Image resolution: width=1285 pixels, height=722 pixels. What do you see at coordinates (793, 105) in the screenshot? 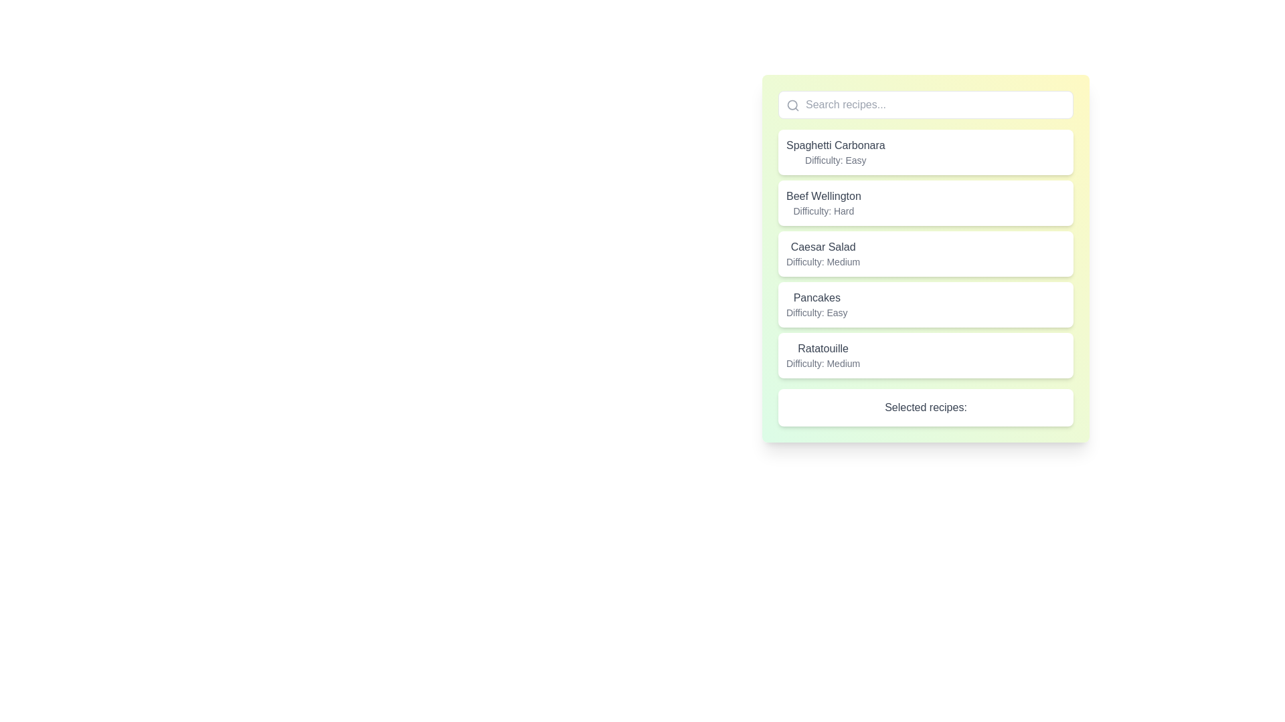
I see `the search icon to focus the associated input field for initiating a search action` at bounding box center [793, 105].